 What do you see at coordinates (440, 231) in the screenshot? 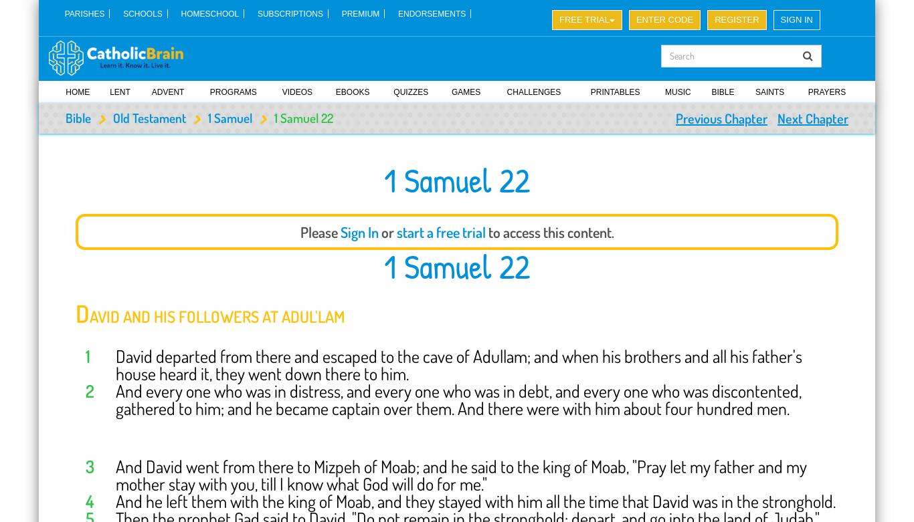
I see `'start a free trial'` at bounding box center [440, 231].